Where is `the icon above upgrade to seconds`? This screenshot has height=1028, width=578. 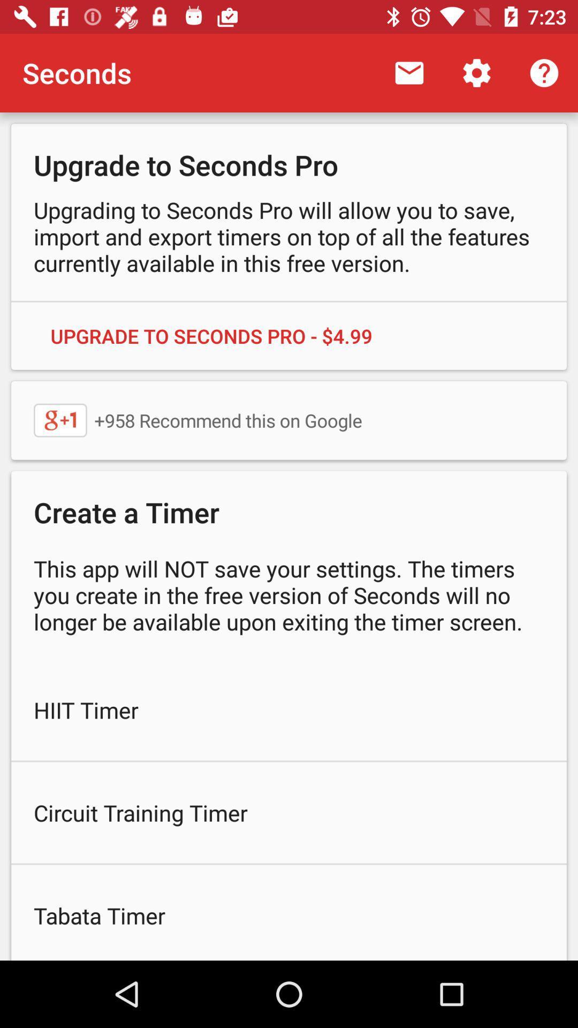 the icon above upgrade to seconds is located at coordinates (544, 72).